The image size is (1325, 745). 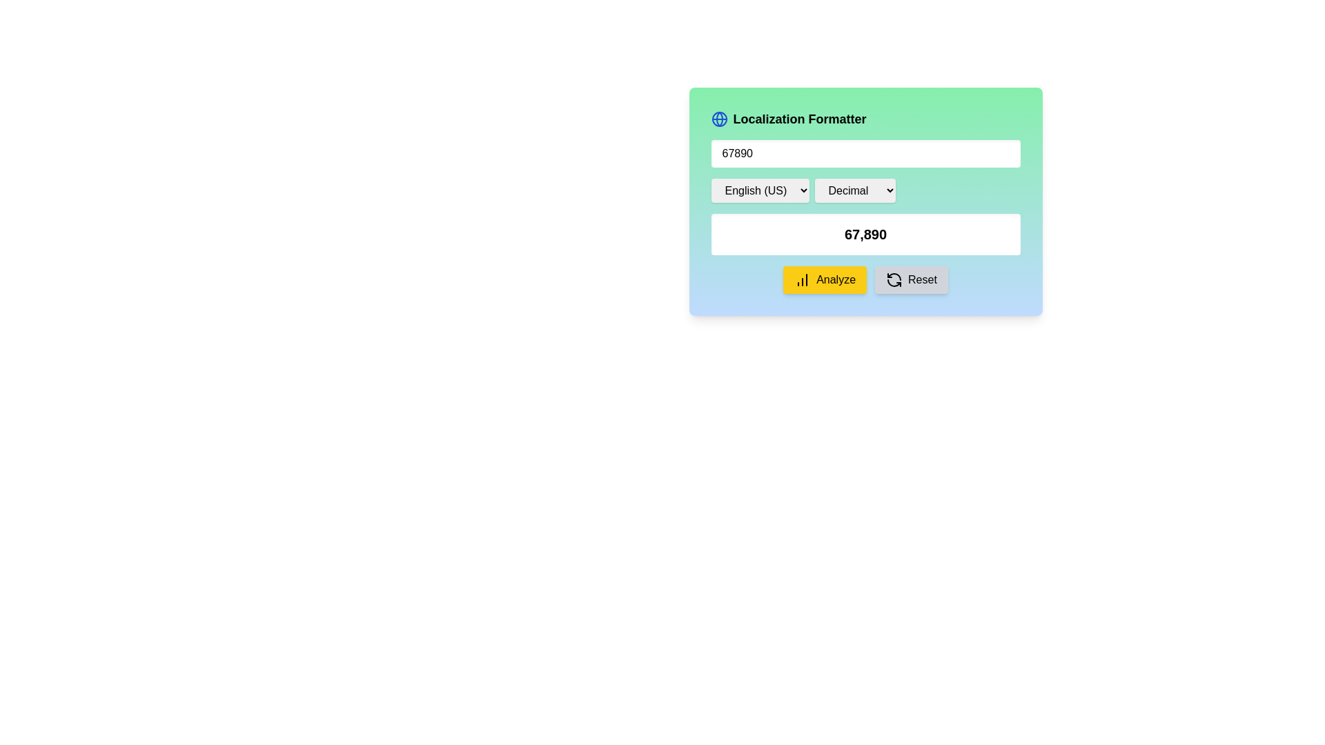 I want to click on the numerical formatting dropdown menu by navigating through the elements, so click(x=854, y=190).